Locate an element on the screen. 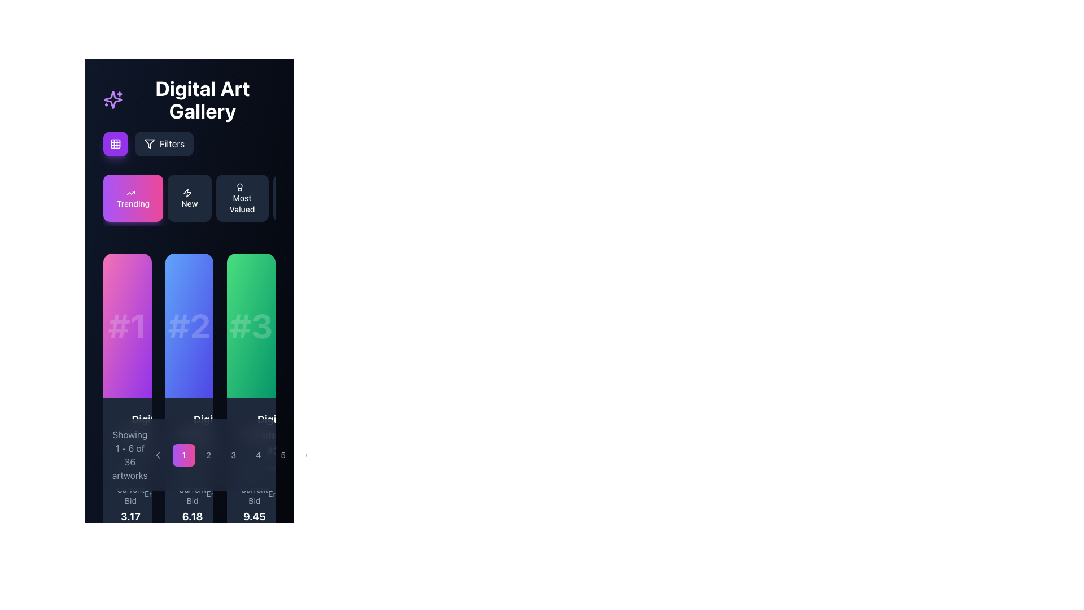  the rightward chevron arrow button located on the right side of the pagination interface is located at coordinates (333, 455).